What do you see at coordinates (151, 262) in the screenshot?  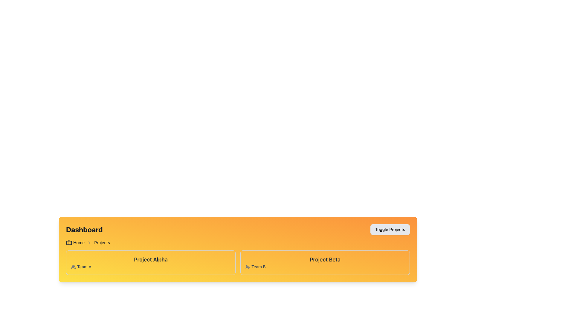 I see `the rectangular card with a gradient yellow background that contains 'Project Alpha' in bold, large font` at bounding box center [151, 262].